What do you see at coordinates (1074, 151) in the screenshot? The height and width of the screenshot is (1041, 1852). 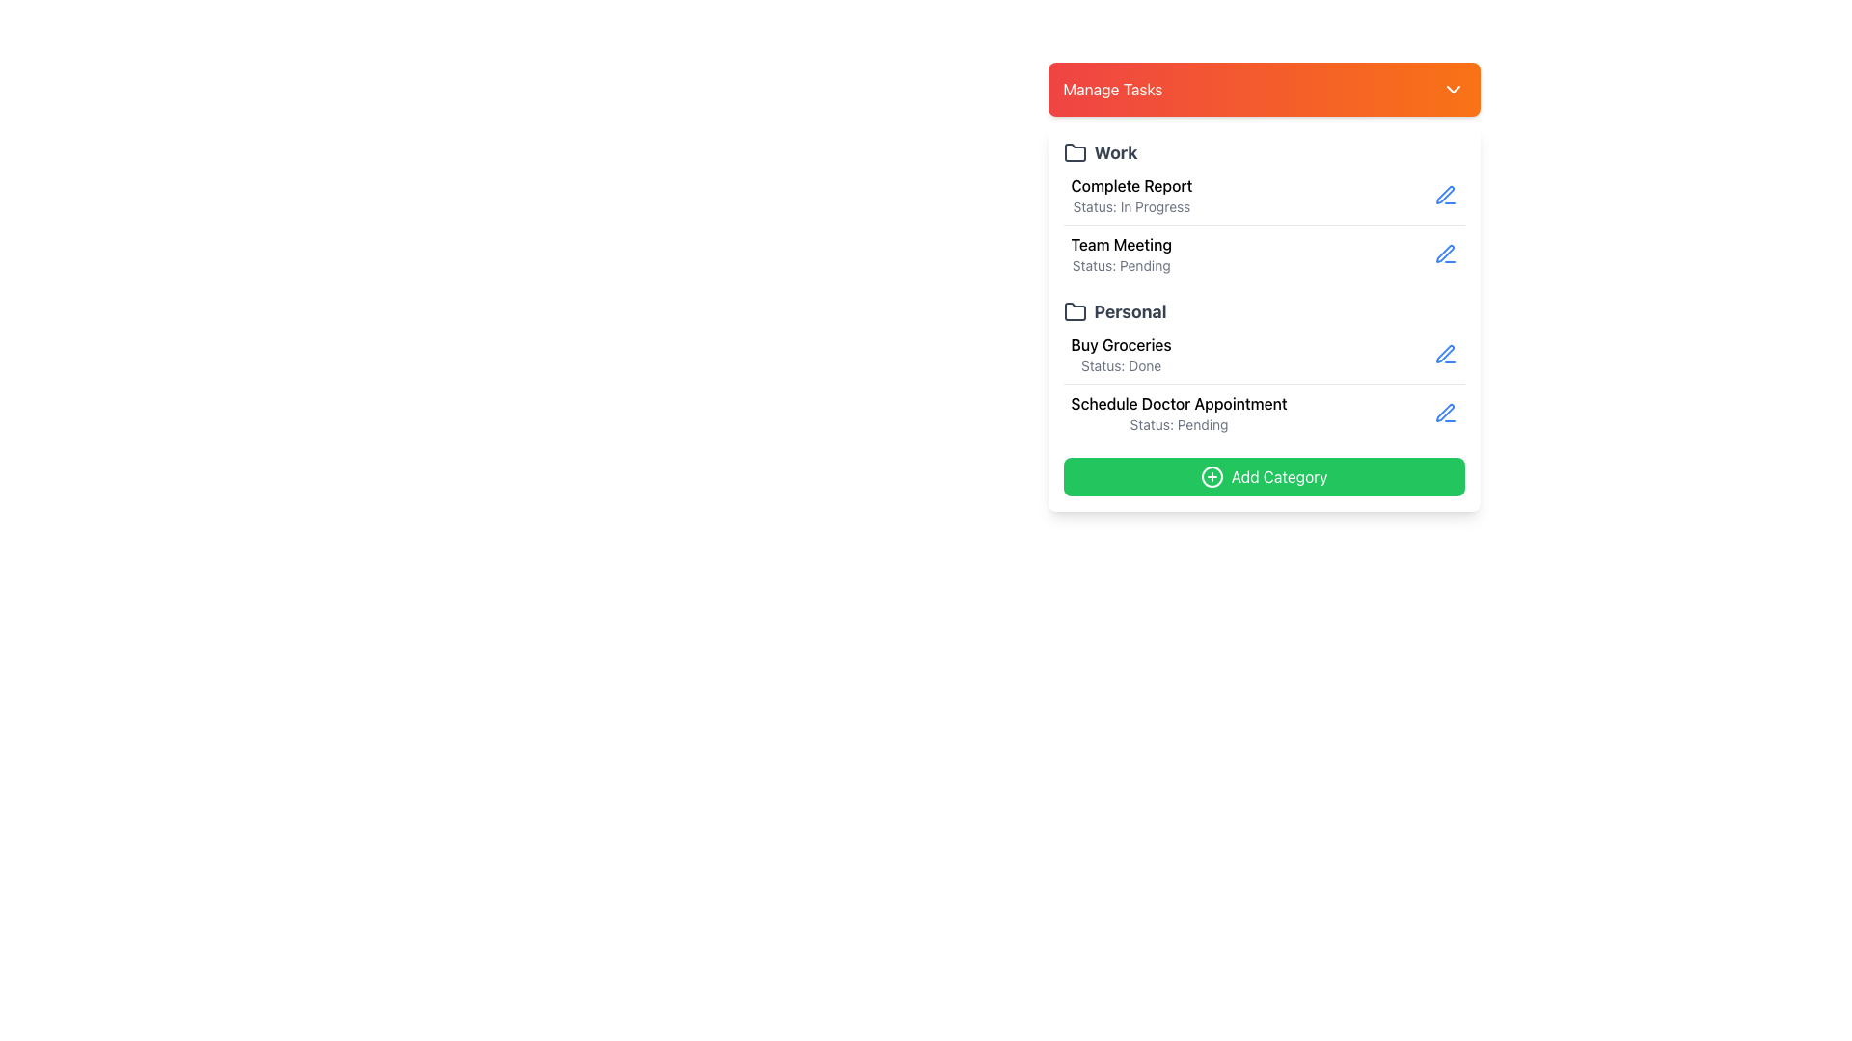 I see `the folder icon located to the left of the 'Work' text in the tasks section` at bounding box center [1074, 151].